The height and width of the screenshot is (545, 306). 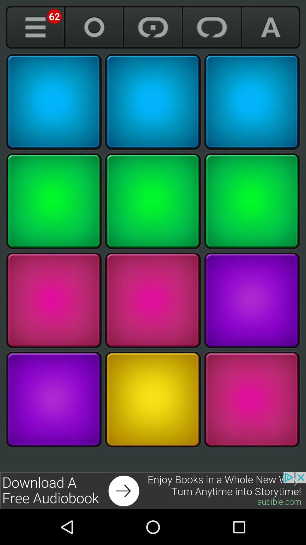 I want to click on green button, so click(x=153, y=201).